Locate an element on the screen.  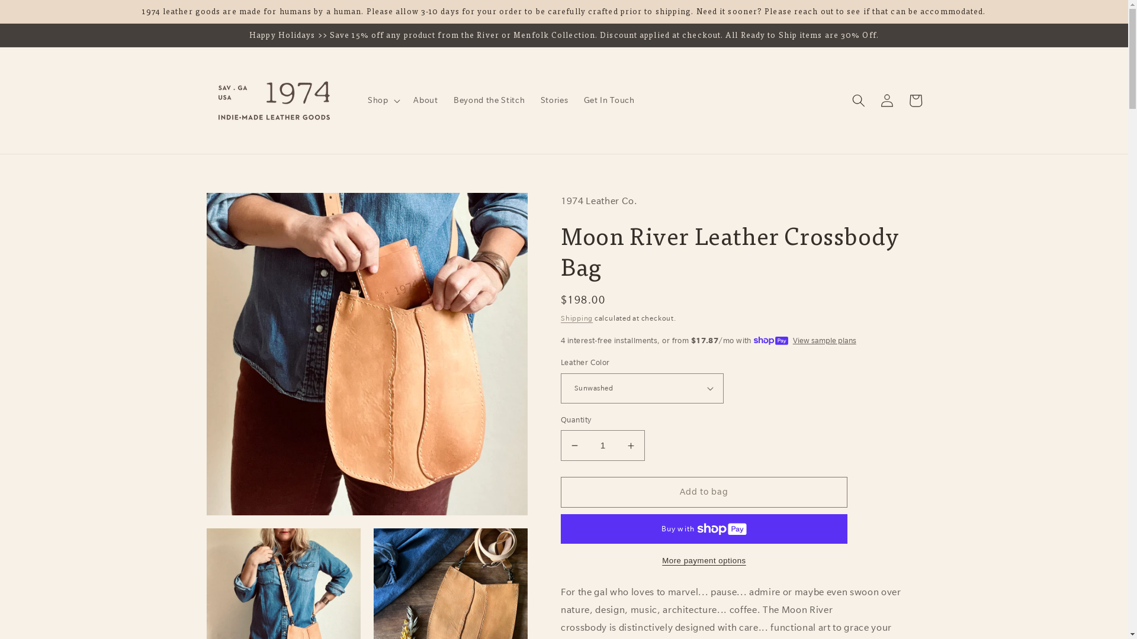
'Increase quantity for Moon River Leather Crossbody Bag' is located at coordinates (630, 445).